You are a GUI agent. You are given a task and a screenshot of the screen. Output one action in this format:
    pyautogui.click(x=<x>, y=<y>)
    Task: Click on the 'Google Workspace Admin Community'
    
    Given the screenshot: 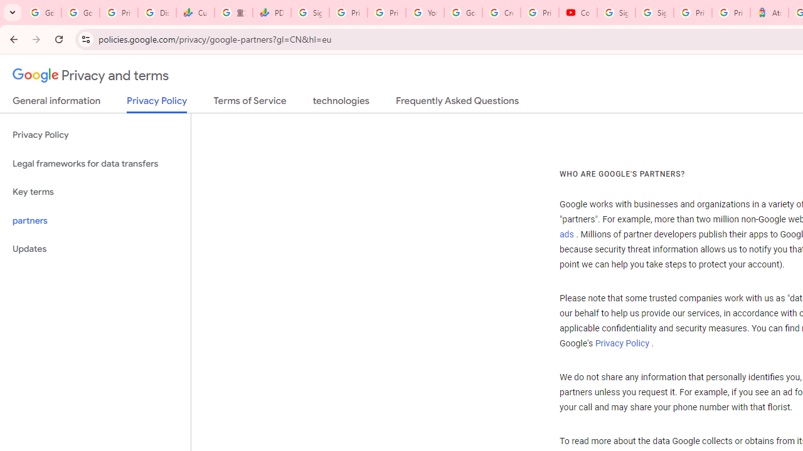 What is the action you would take?
    pyautogui.click(x=42, y=13)
    